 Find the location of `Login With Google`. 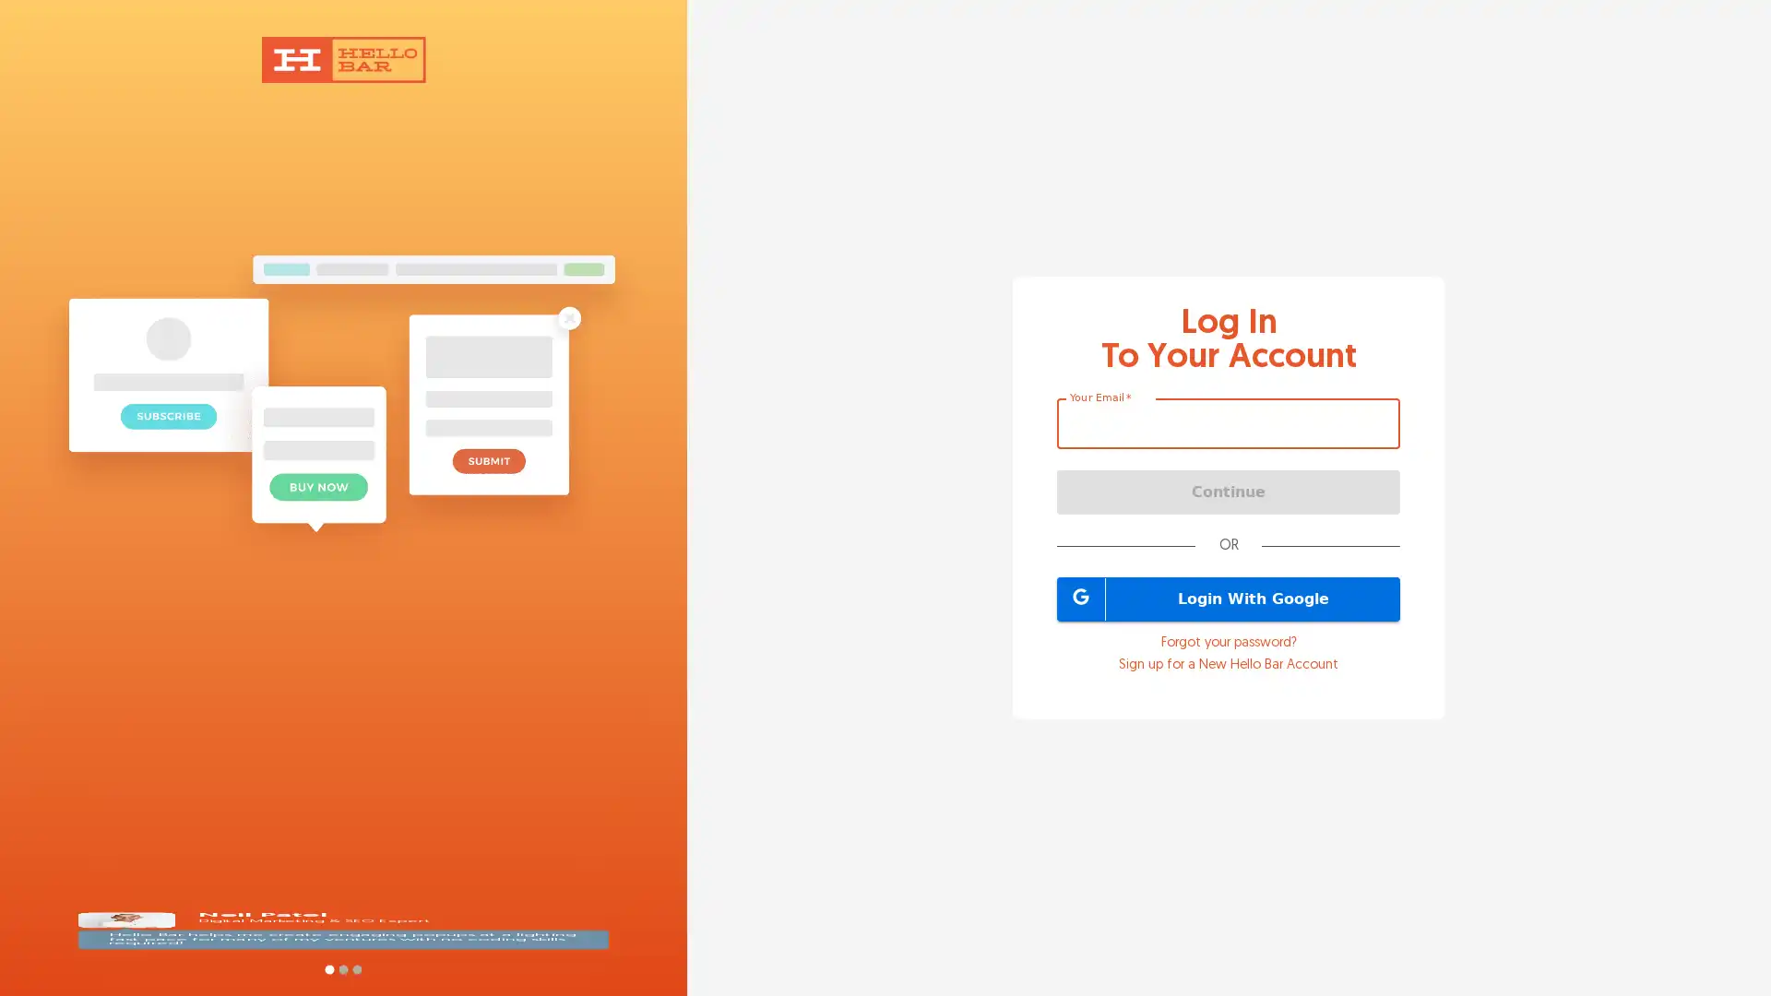

Login With Google is located at coordinates (1229, 598).